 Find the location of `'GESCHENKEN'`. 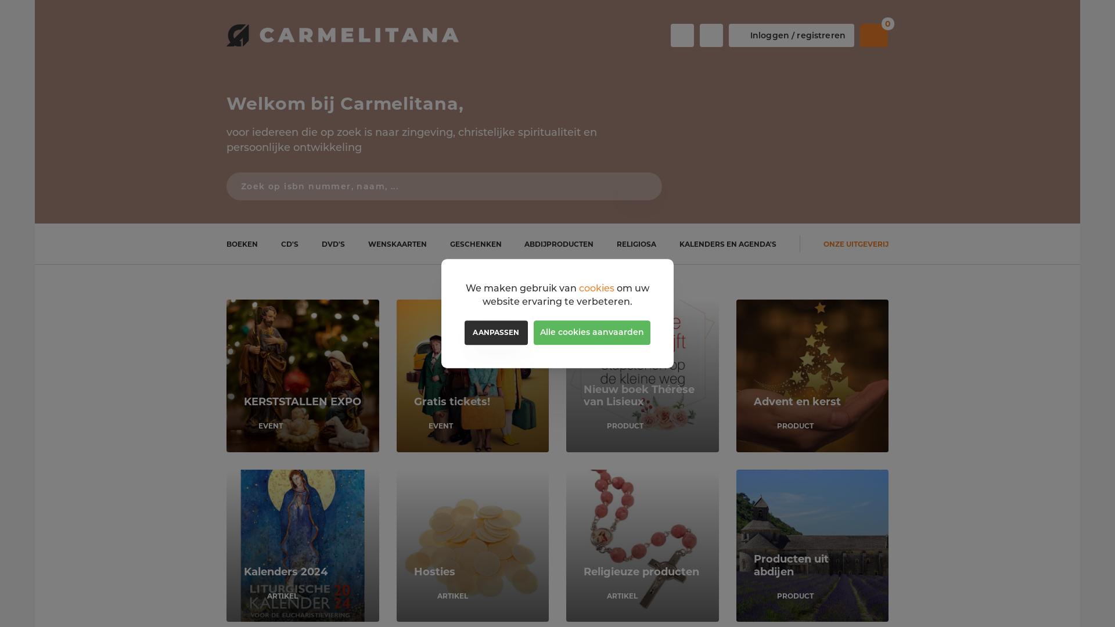

'GESCHENKEN' is located at coordinates (476, 243).